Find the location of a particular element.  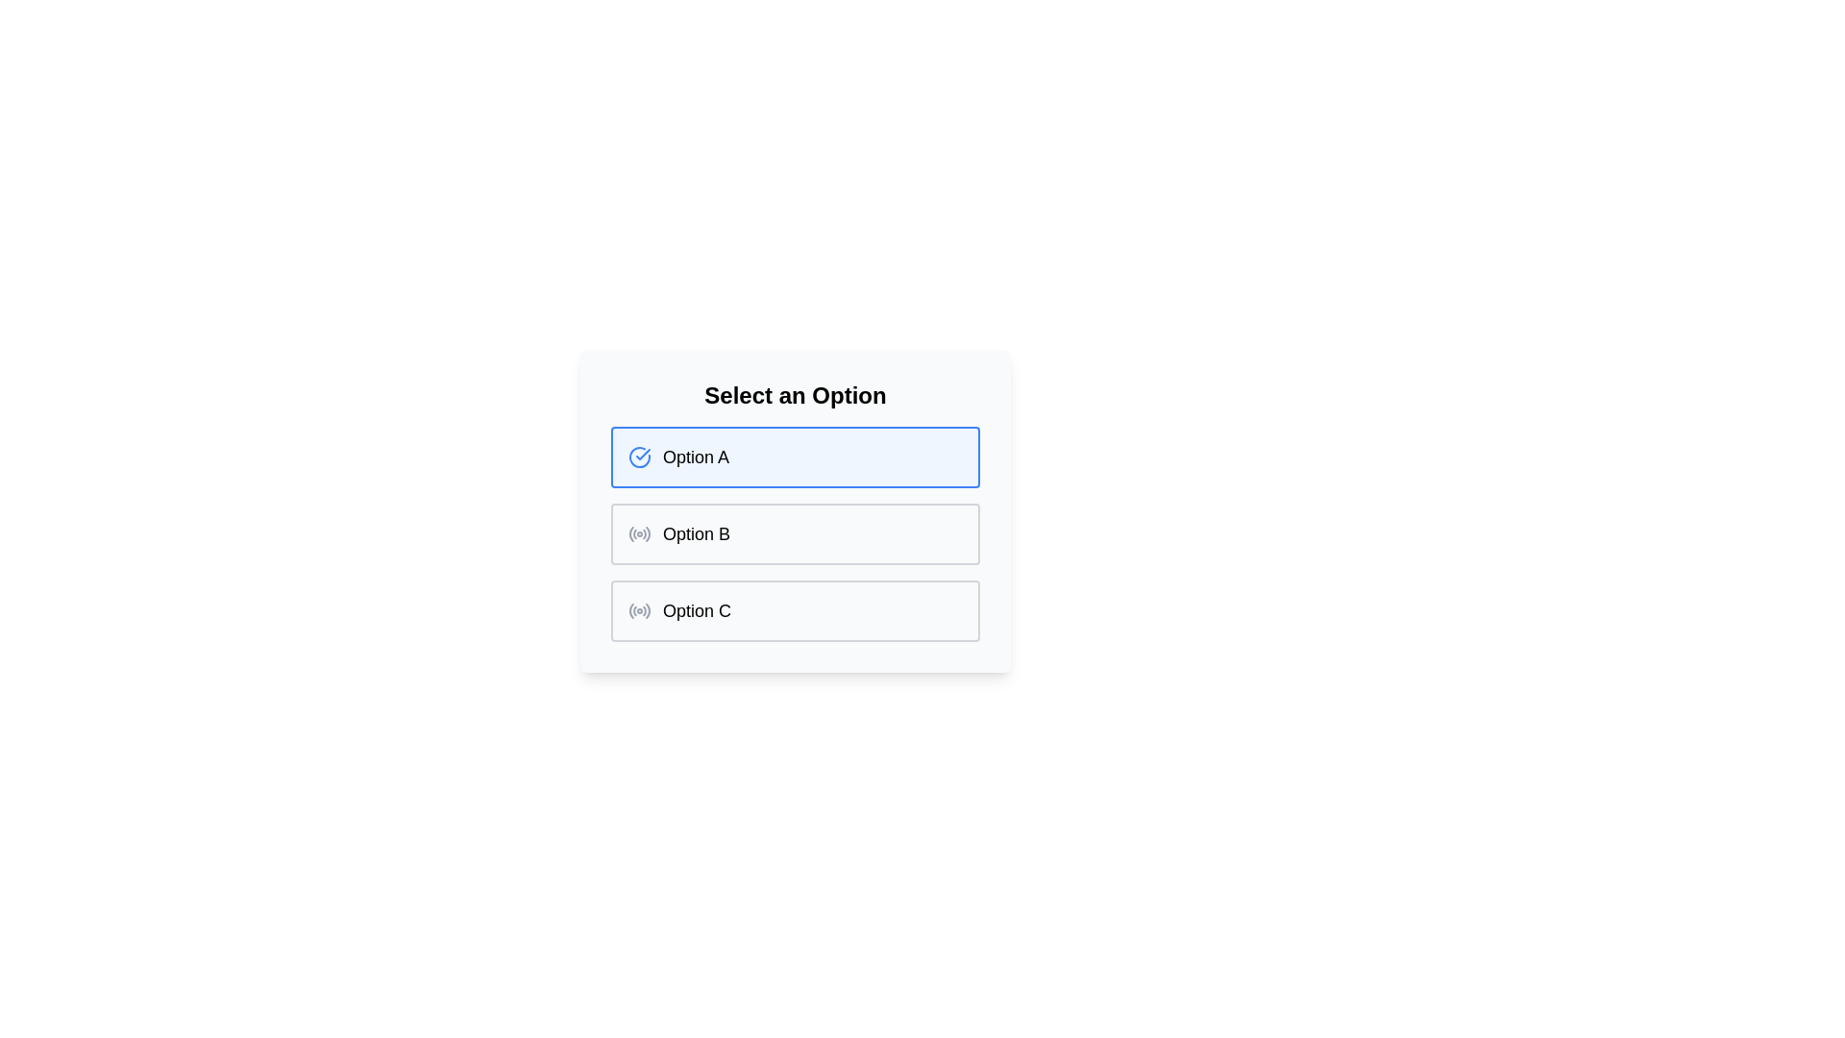

the text label associated with the third selectable option in the list, located at the bottom of the vertical list within a rounded border element is located at coordinates (696, 611).